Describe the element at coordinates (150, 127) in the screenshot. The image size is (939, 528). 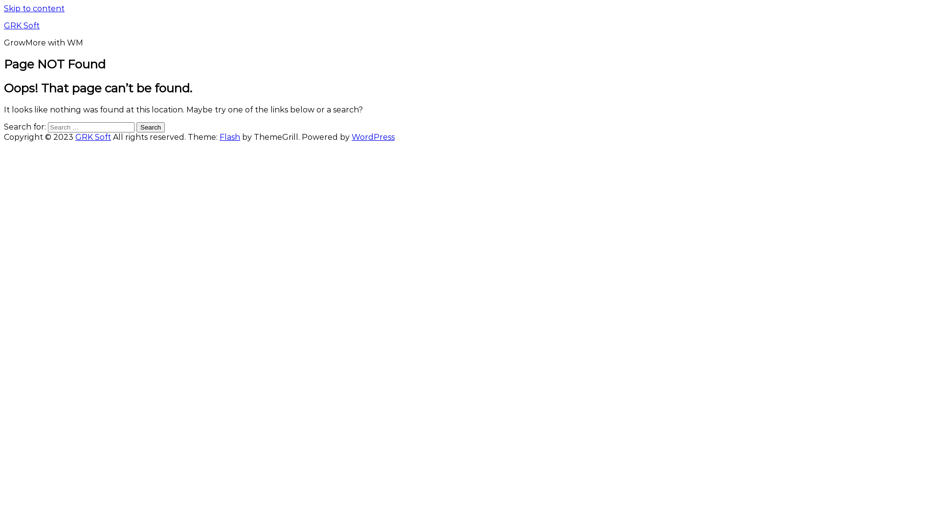
I see `'Search'` at that location.